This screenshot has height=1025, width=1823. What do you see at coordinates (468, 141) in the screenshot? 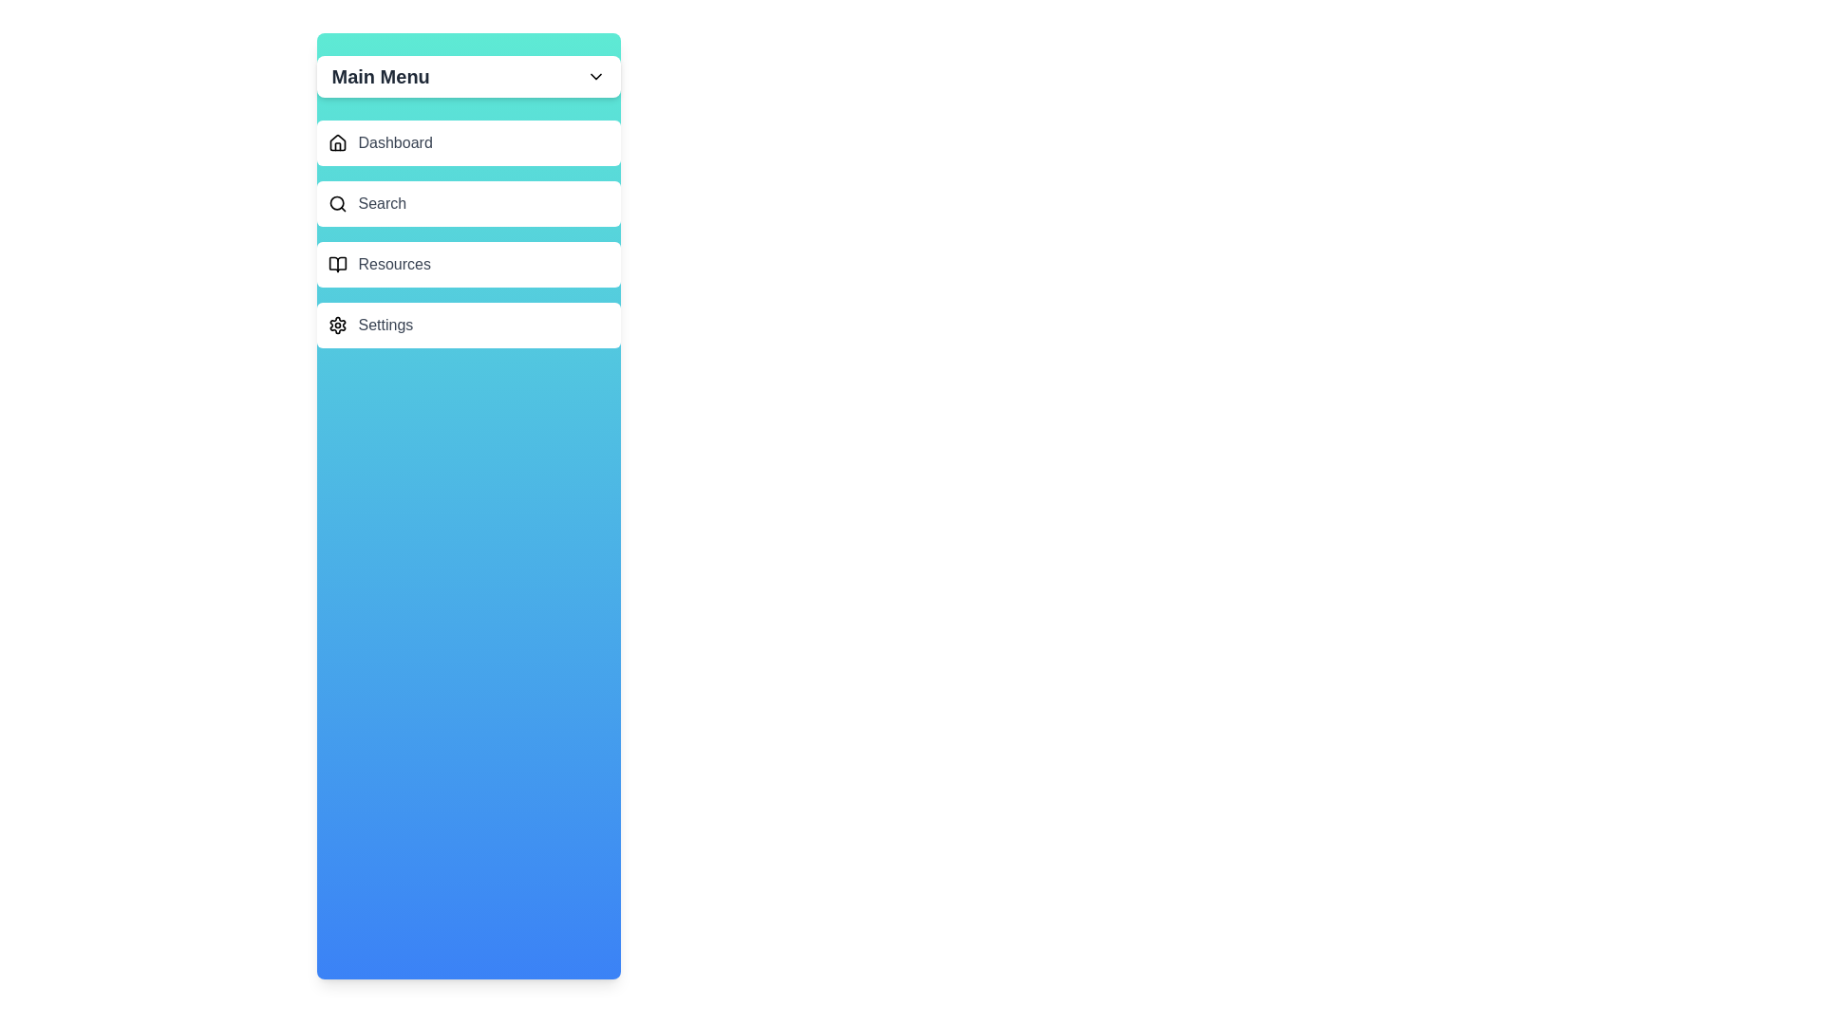
I see `the menu item labeled Dashboard` at bounding box center [468, 141].